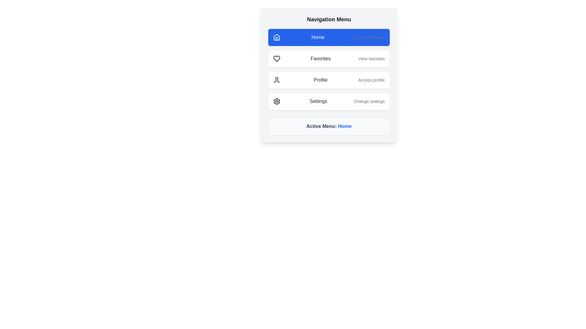  What do you see at coordinates (277, 37) in the screenshot?
I see `the 'Home' menu item icon in the navigation interface, which is highlighted in blue and located to the left of the 'Home' text` at bounding box center [277, 37].